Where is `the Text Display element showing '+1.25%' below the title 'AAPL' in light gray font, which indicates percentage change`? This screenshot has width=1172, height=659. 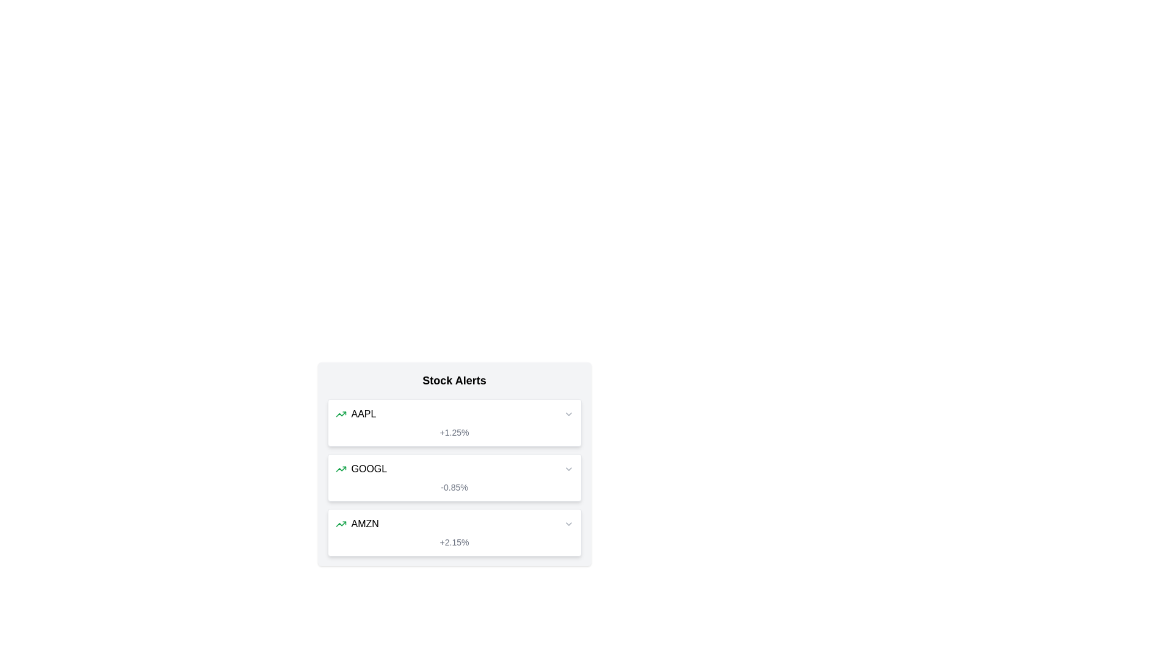
the Text Display element showing '+1.25%' below the title 'AAPL' in light gray font, which indicates percentage change is located at coordinates (454, 432).